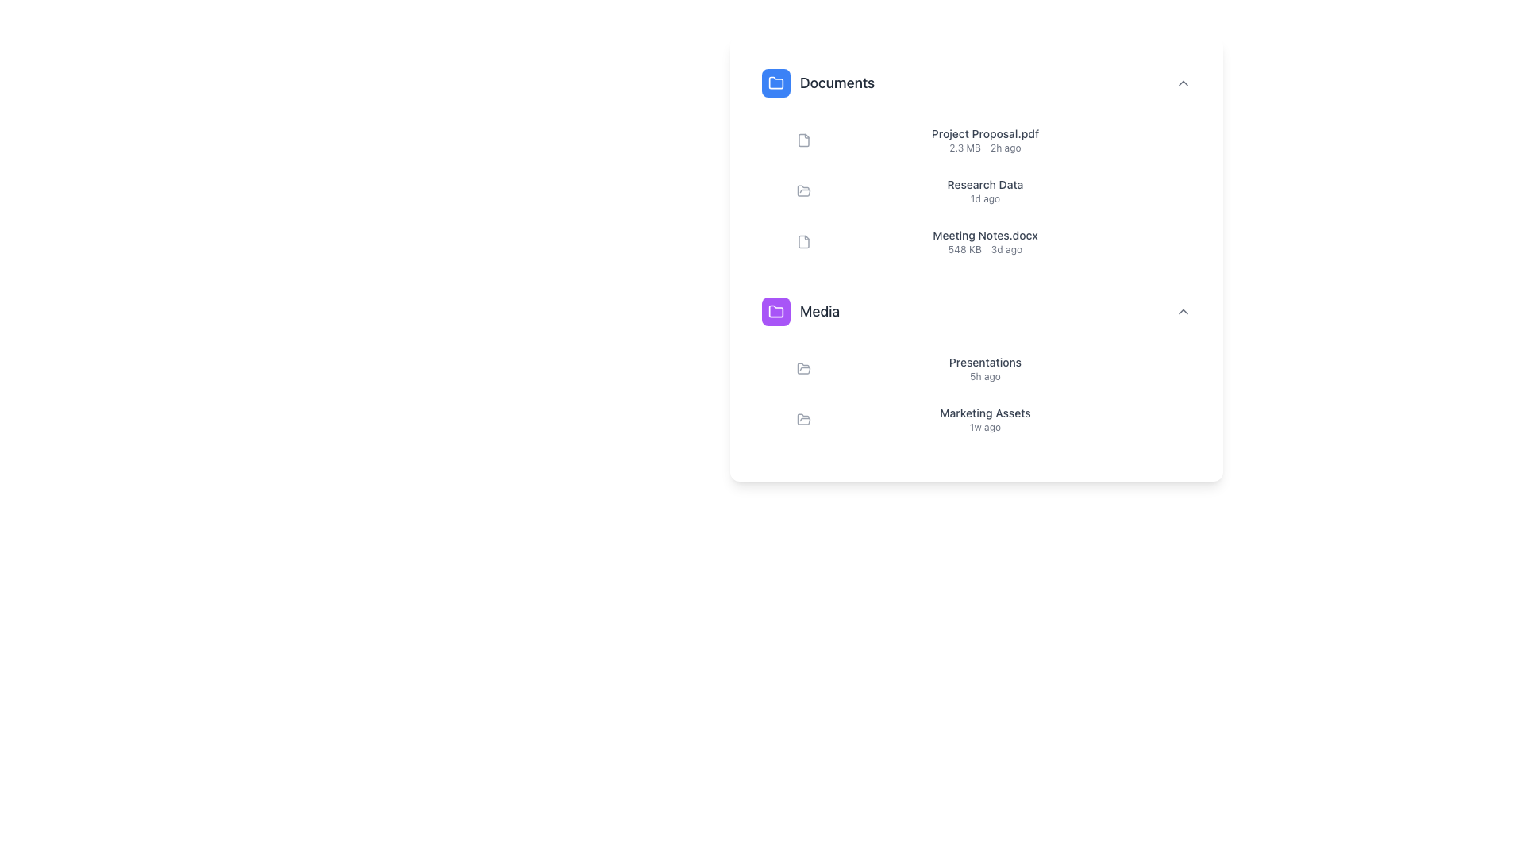 The image size is (1524, 857). I want to click on the Ellipsis menu (three dots) at the far-right end of the 'Research Data' row, so click(1172, 190).